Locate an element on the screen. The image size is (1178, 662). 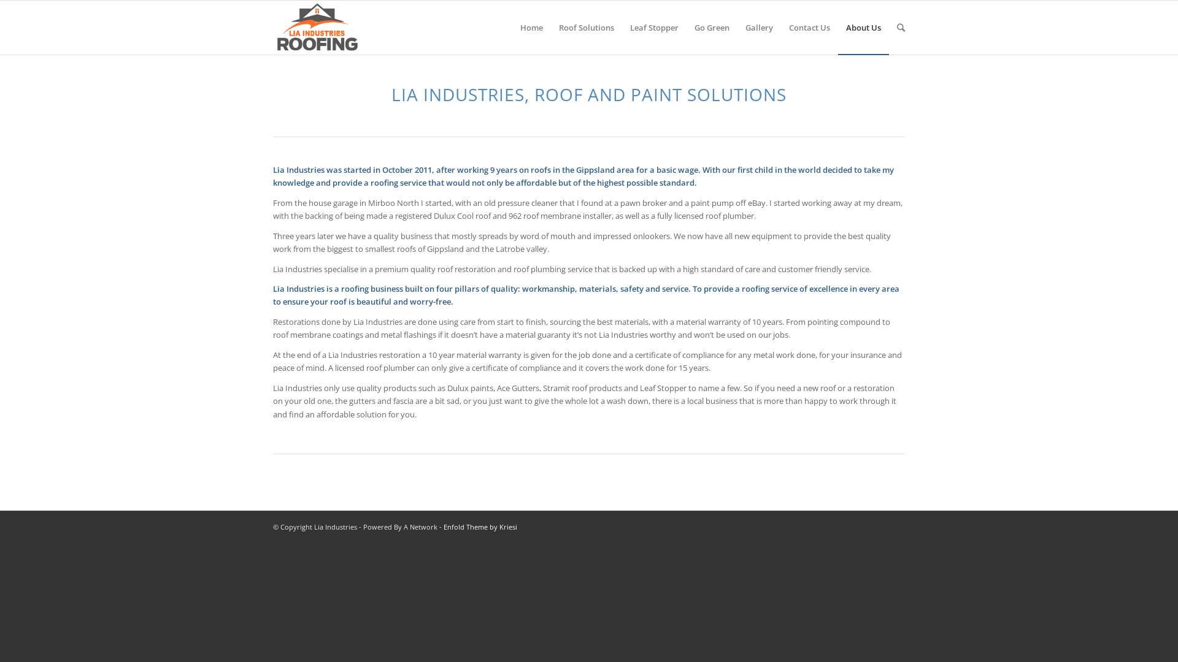
'Leaf Stopper' is located at coordinates (622, 28).